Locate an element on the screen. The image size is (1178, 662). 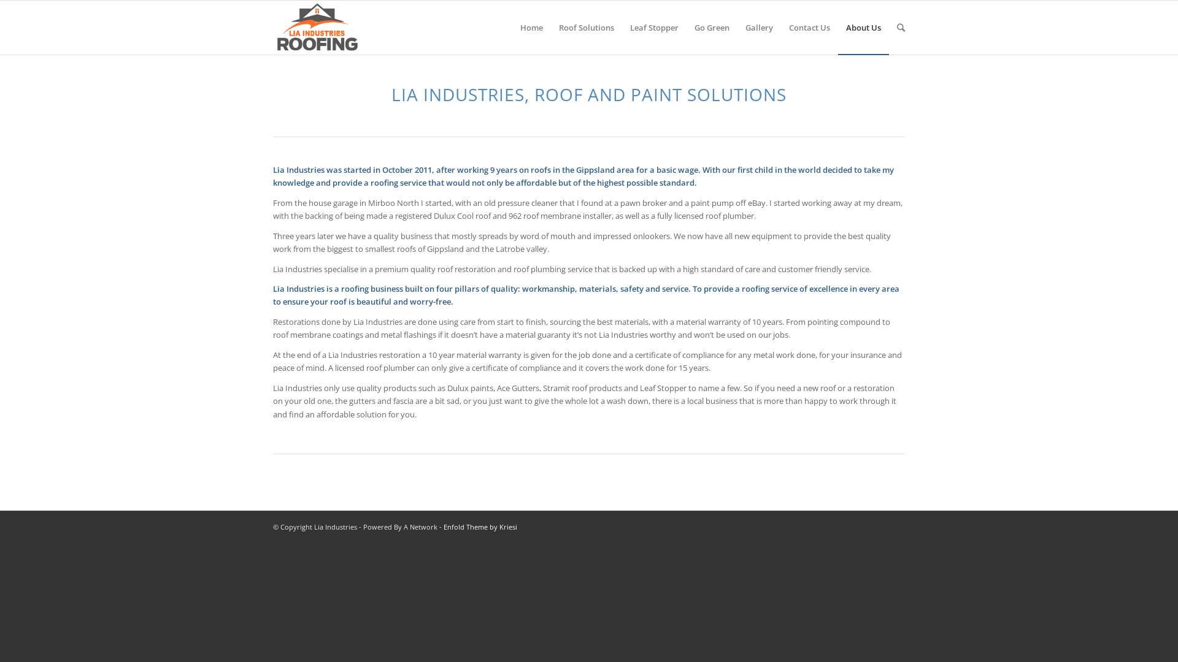
'Leaf Stopper' is located at coordinates (622, 28).